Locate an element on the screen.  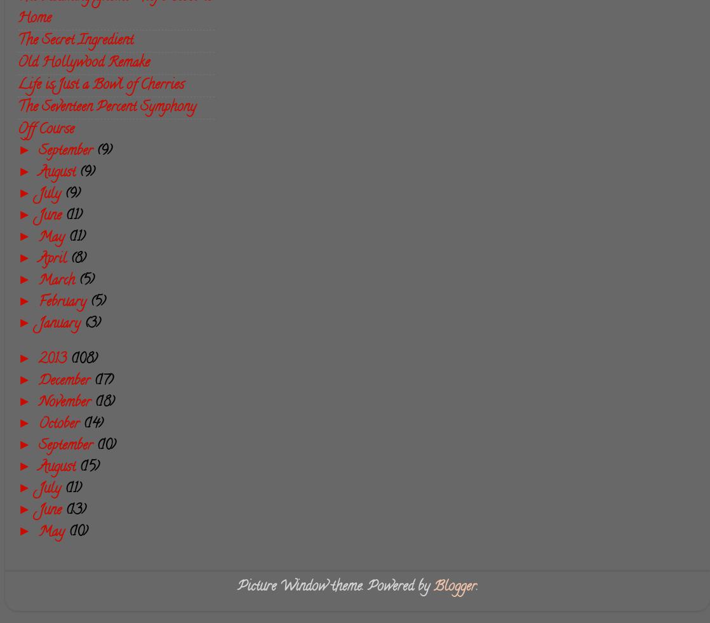
'(8)' is located at coordinates (77, 258).